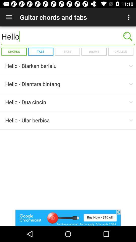 This screenshot has height=242, width=136. I want to click on search button, so click(128, 36).